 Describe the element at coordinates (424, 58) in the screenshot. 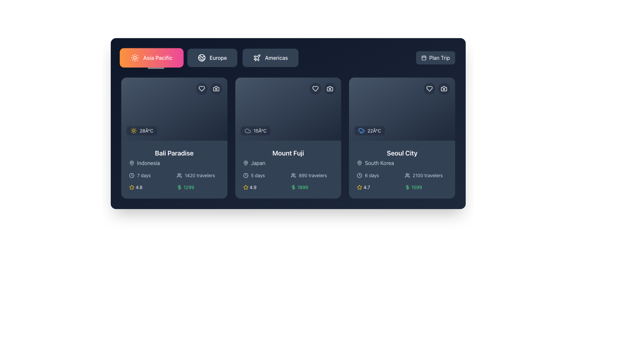

I see `the calendar icon located within the 'Plan Trip' button in the top-right corner of the interface, which is styled with a square outline and a grid pattern` at that location.